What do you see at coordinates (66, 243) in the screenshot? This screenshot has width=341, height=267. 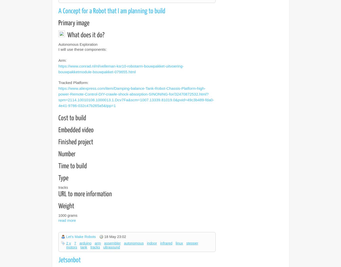 I see `'2 v'` at bounding box center [66, 243].